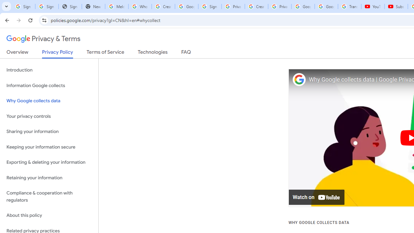 The image size is (414, 233). Describe the element at coordinates (299, 79) in the screenshot. I see `'Photo image of Google'` at that location.